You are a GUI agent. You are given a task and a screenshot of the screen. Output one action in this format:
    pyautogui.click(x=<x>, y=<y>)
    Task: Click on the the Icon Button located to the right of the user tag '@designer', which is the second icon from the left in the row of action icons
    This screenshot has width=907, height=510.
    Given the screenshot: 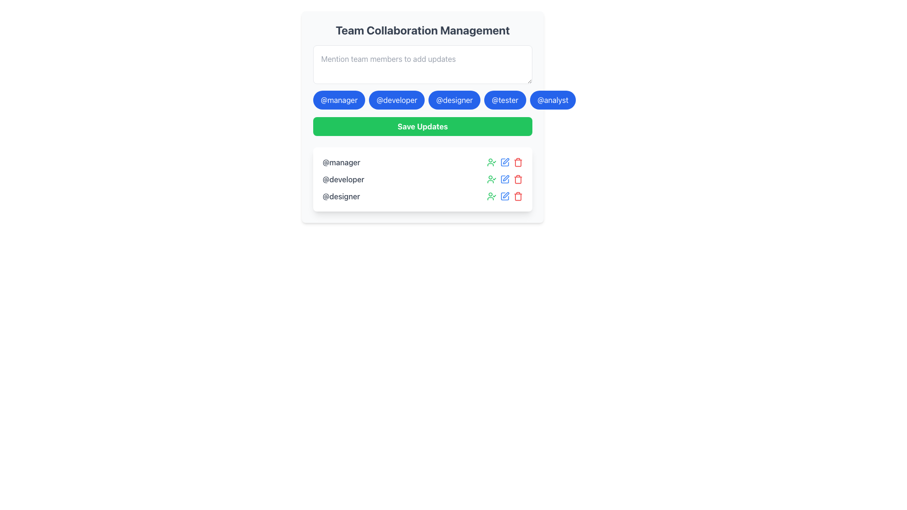 What is the action you would take?
    pyautogui.click(x=505, y=195)
    